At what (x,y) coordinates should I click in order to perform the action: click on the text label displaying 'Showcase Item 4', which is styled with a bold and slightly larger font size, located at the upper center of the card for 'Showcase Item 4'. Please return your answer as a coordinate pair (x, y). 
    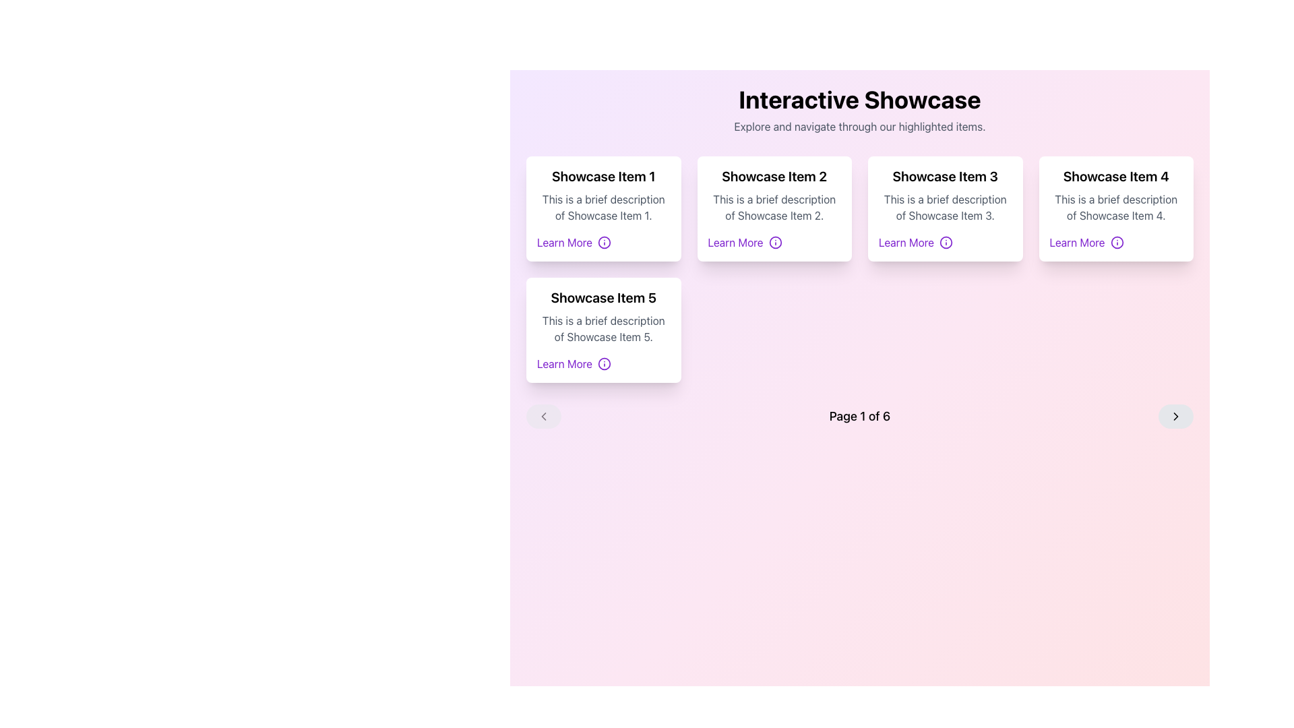
    Looking at the image, I should click on (1116, 176).